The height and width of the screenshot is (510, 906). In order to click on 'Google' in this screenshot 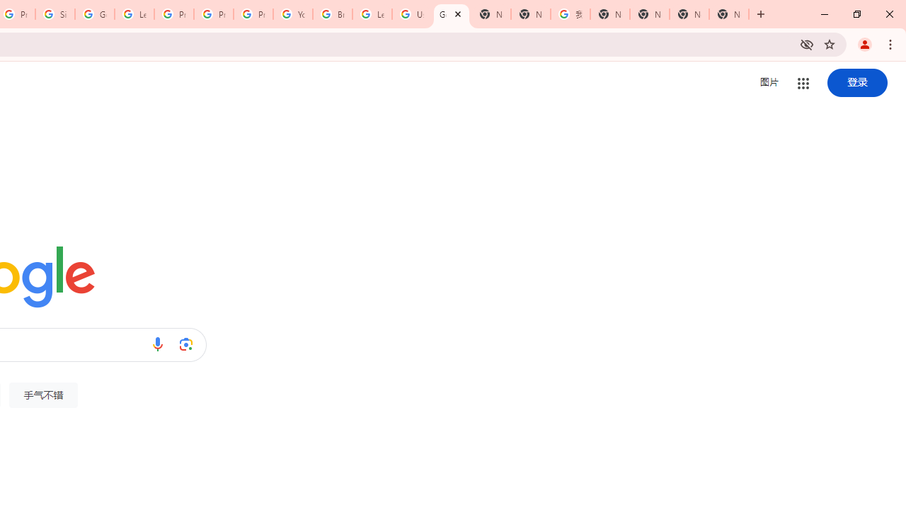, I will do `click(451, 14)`.